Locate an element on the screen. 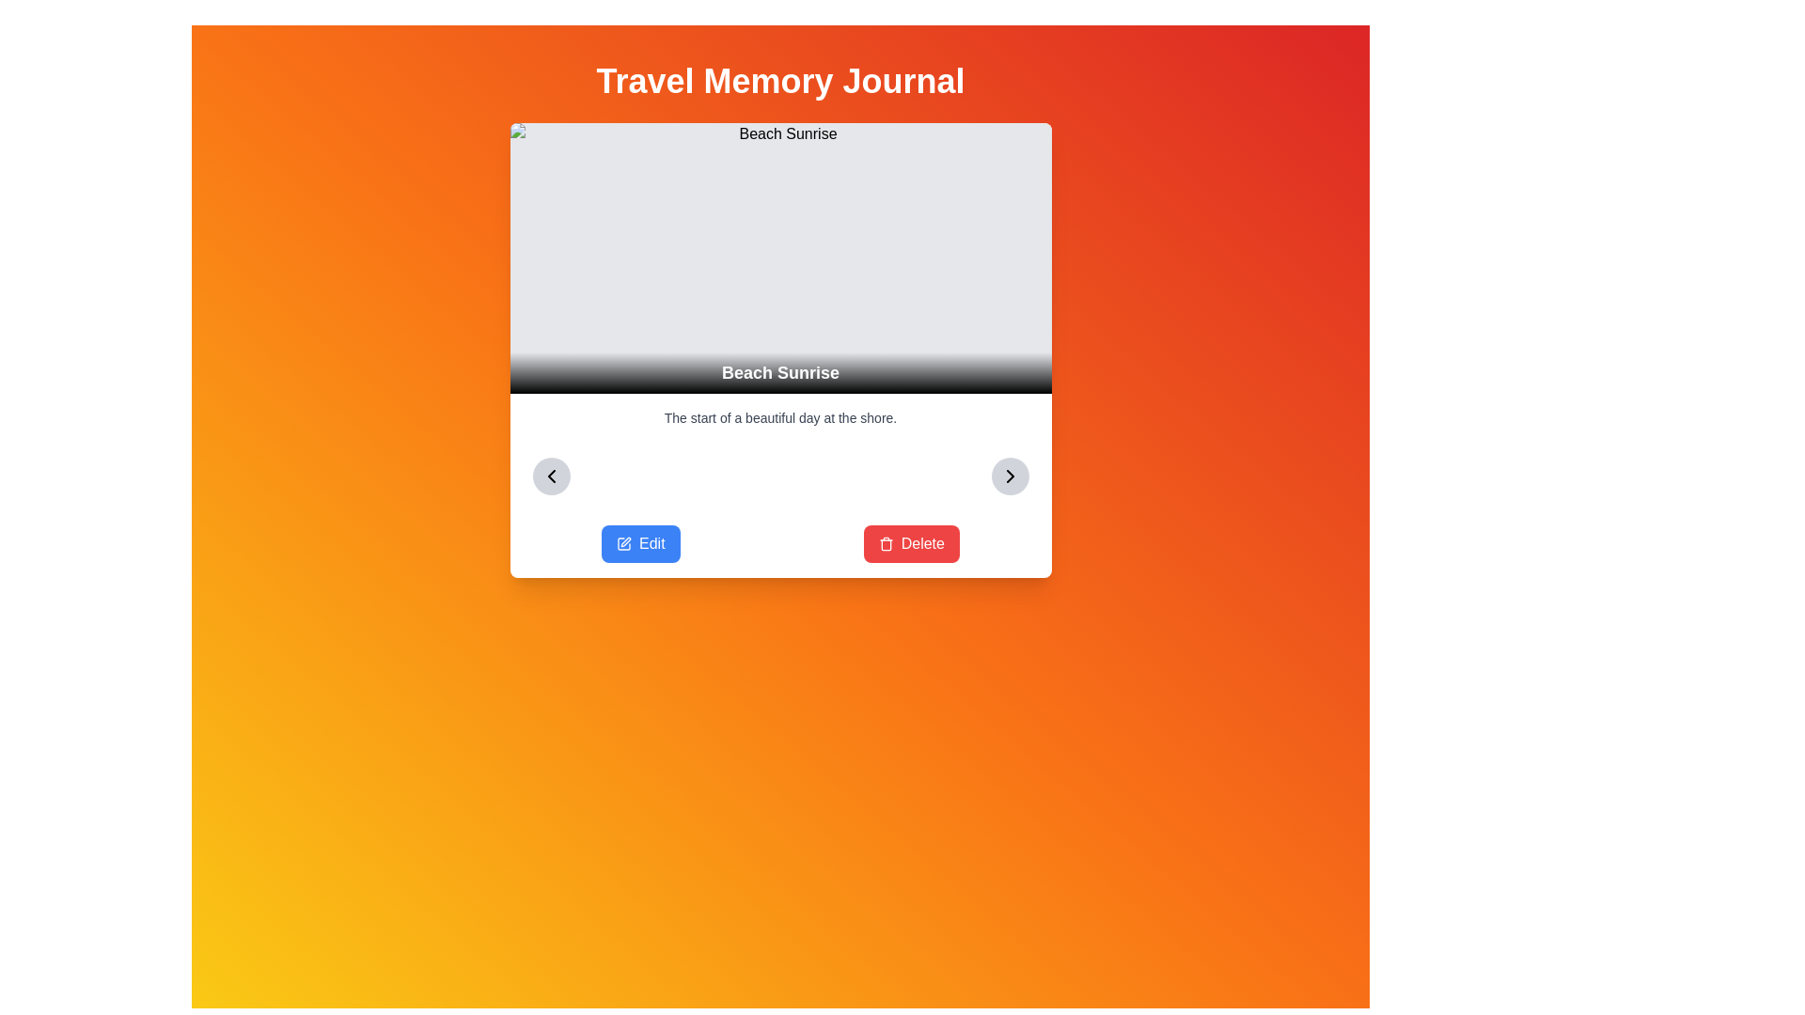  the editing tool icon located in the bottom-center portion of the main interface, which is part of a larger square icon is located at coordinates (626, 542).